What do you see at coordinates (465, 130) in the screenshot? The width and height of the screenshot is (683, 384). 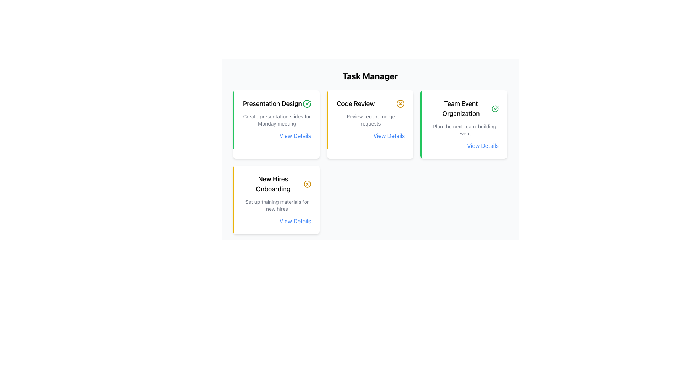 I see `text snippet that says 'Plan the next team-building event', which is styled in gray and located below the title 'Team Event Organization' within the third task card` at bounding box center [465, 130].